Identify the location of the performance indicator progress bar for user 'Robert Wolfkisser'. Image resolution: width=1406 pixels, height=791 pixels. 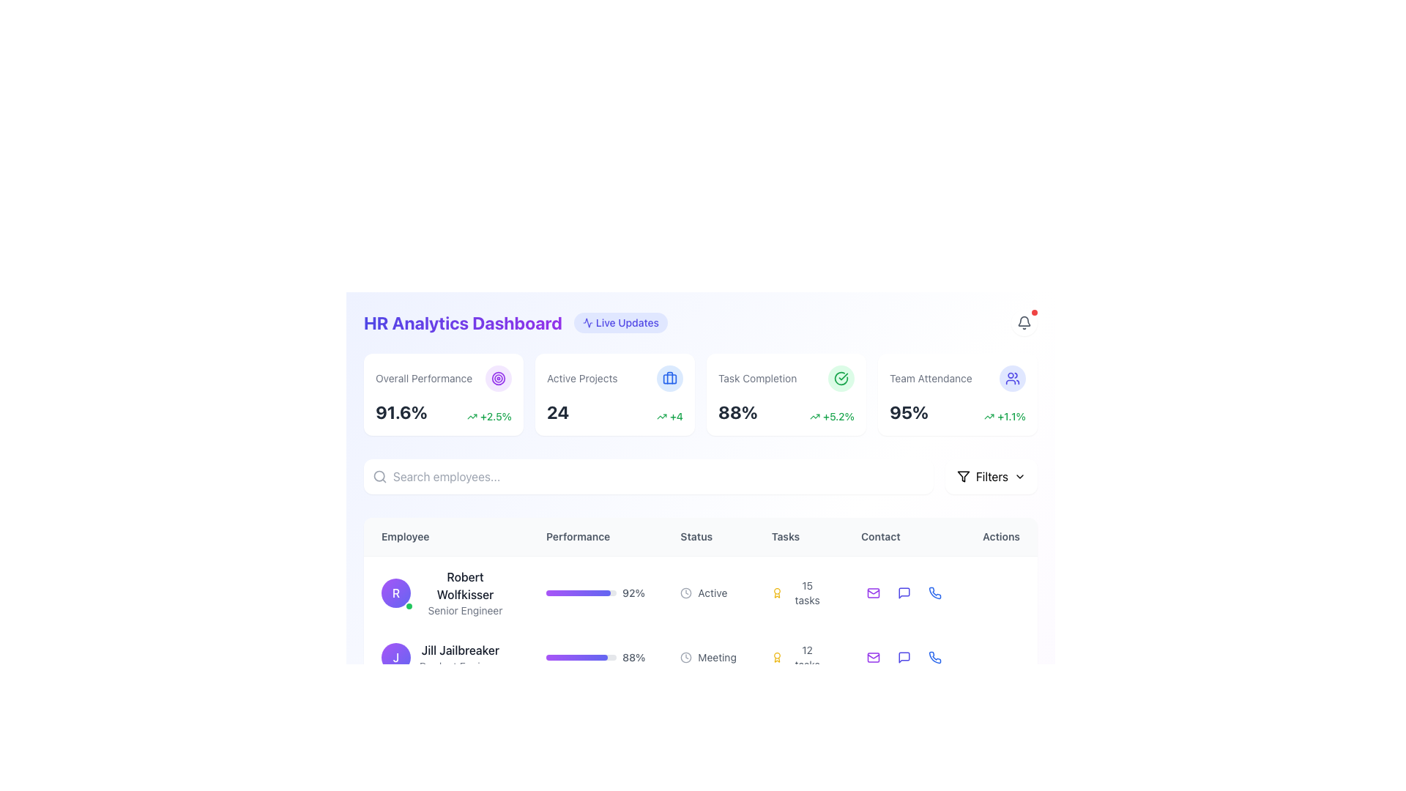
(595, 592).